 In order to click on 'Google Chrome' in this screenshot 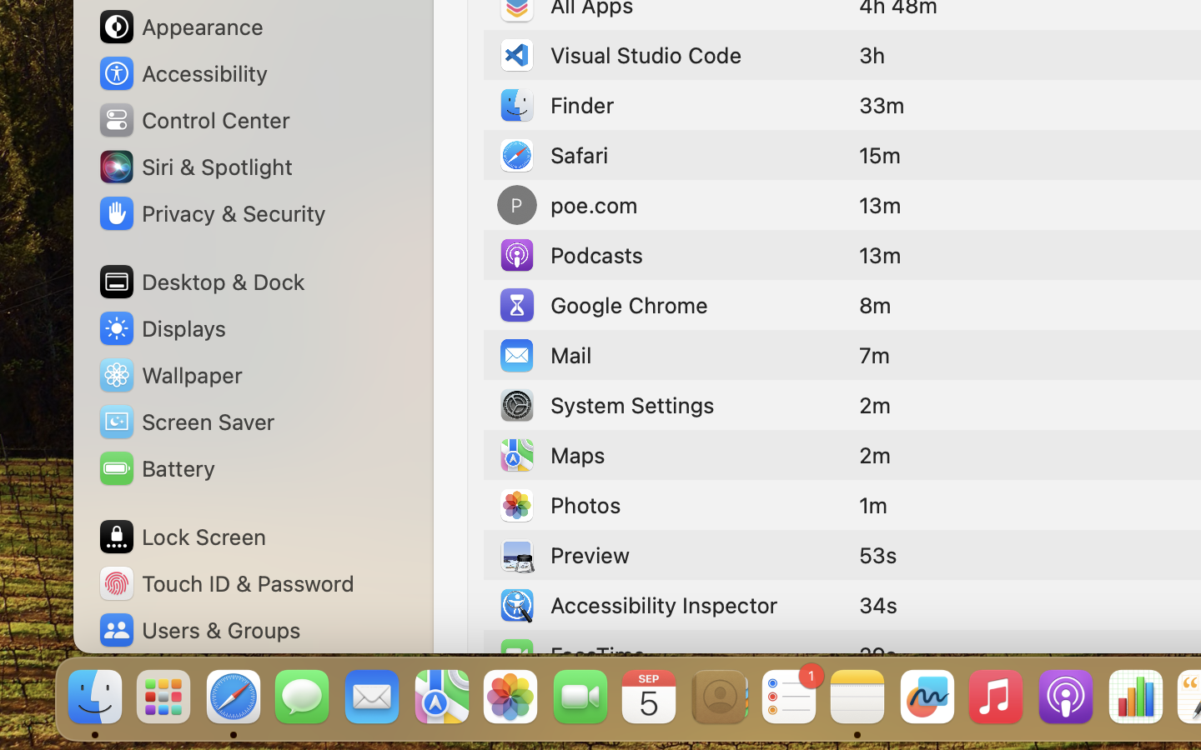, I will do `click(602, 305)`.